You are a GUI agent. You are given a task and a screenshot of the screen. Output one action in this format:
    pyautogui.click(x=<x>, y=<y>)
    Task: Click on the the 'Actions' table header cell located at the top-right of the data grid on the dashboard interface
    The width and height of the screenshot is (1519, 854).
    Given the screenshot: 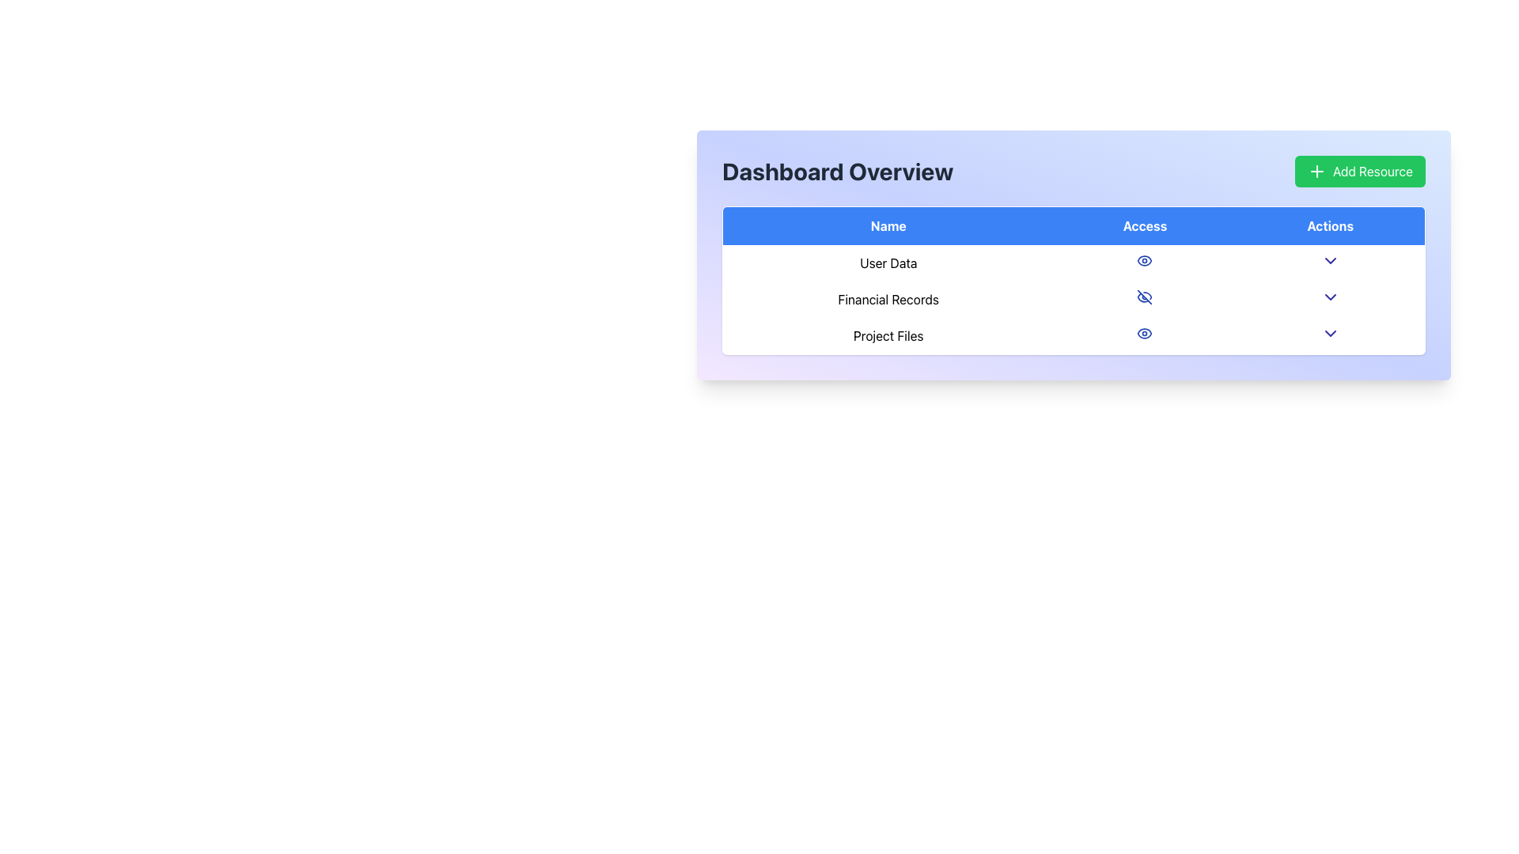 What is the action you would take?
    pyautogui.click(x=1329, y=225)
    